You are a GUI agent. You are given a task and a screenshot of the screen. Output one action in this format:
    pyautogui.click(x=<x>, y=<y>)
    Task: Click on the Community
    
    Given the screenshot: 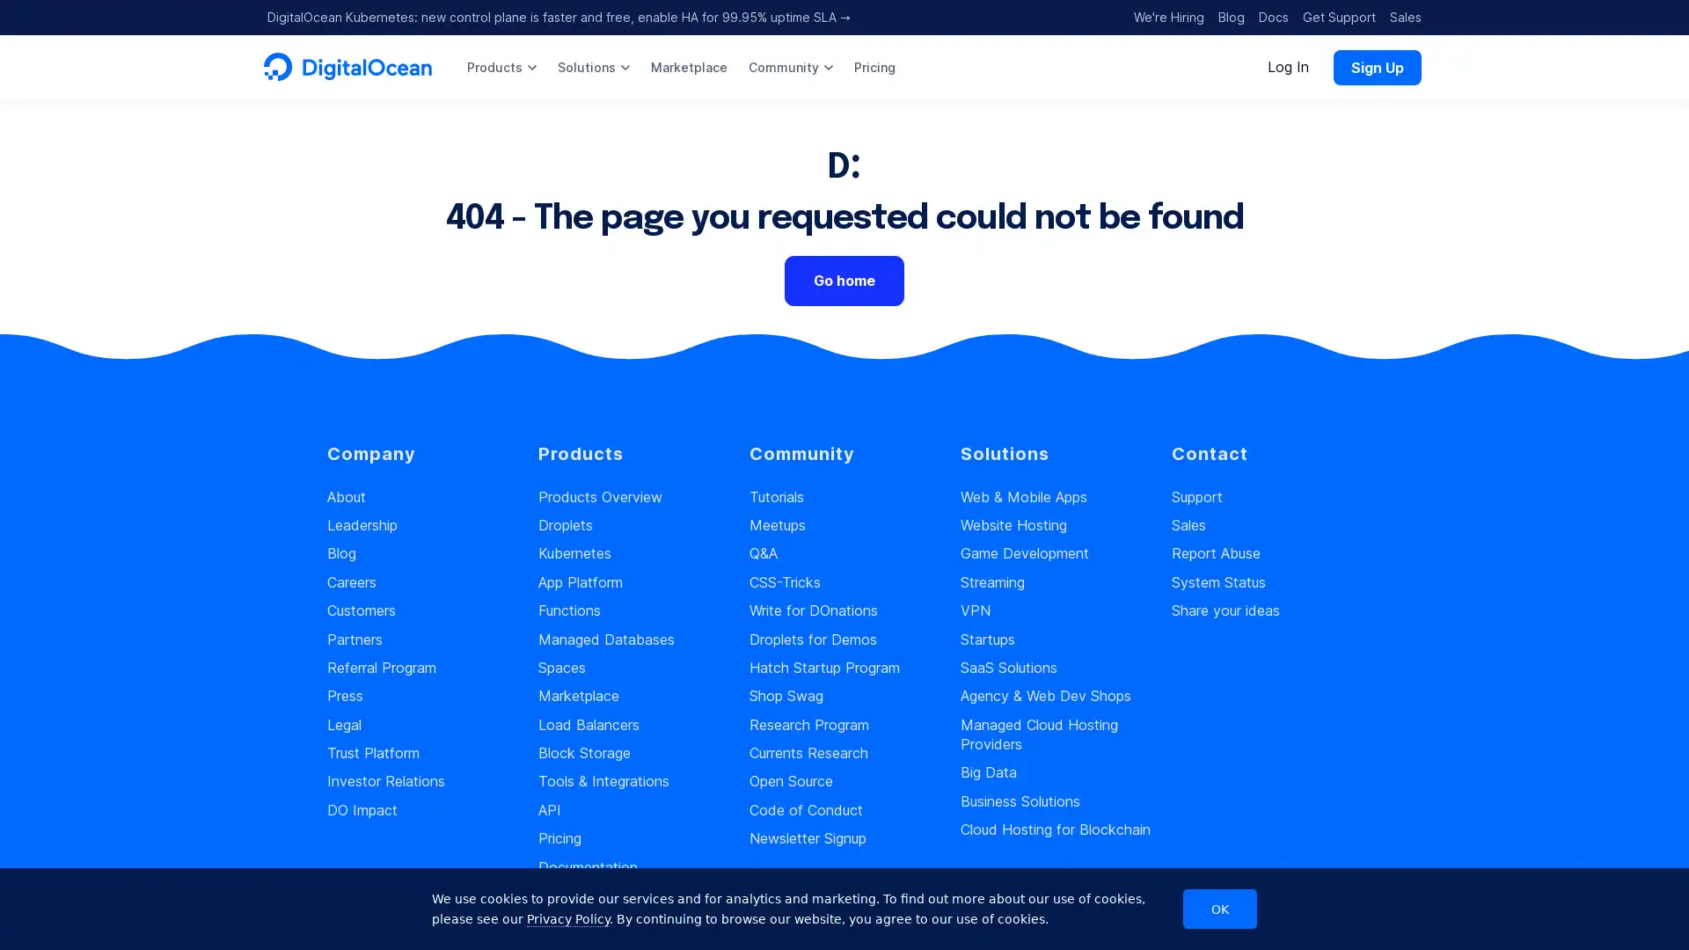 What is the action you would take?
    pyautogui.click(x=789, y=66)
    